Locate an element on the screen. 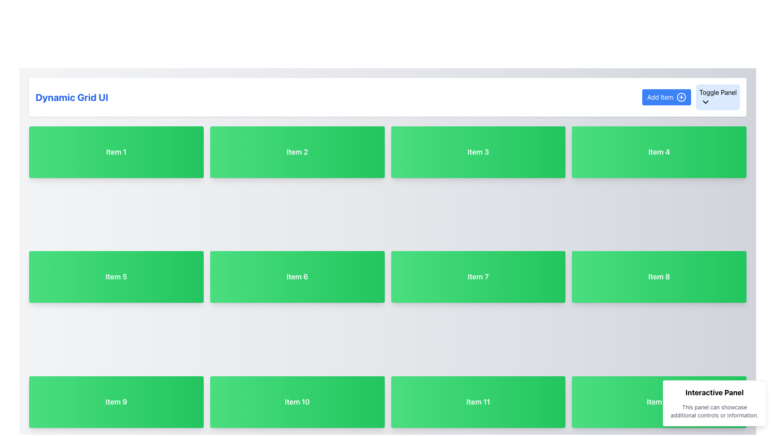 Image resolution: width=776 pixels, height=436 pixels. the first item in the grid layout, which is a visual display for identification and is located in the top-left corner of the grid is located at coordinates (116, 152).